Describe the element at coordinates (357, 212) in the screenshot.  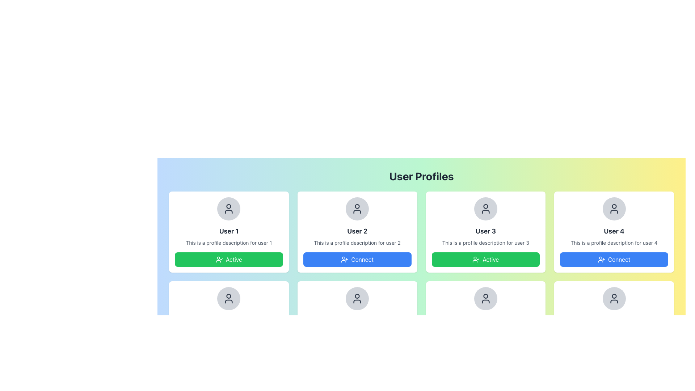
I see `the semicircular Icon Decoration element located directly beneath the avatar figure in the second user profile card` at that location.